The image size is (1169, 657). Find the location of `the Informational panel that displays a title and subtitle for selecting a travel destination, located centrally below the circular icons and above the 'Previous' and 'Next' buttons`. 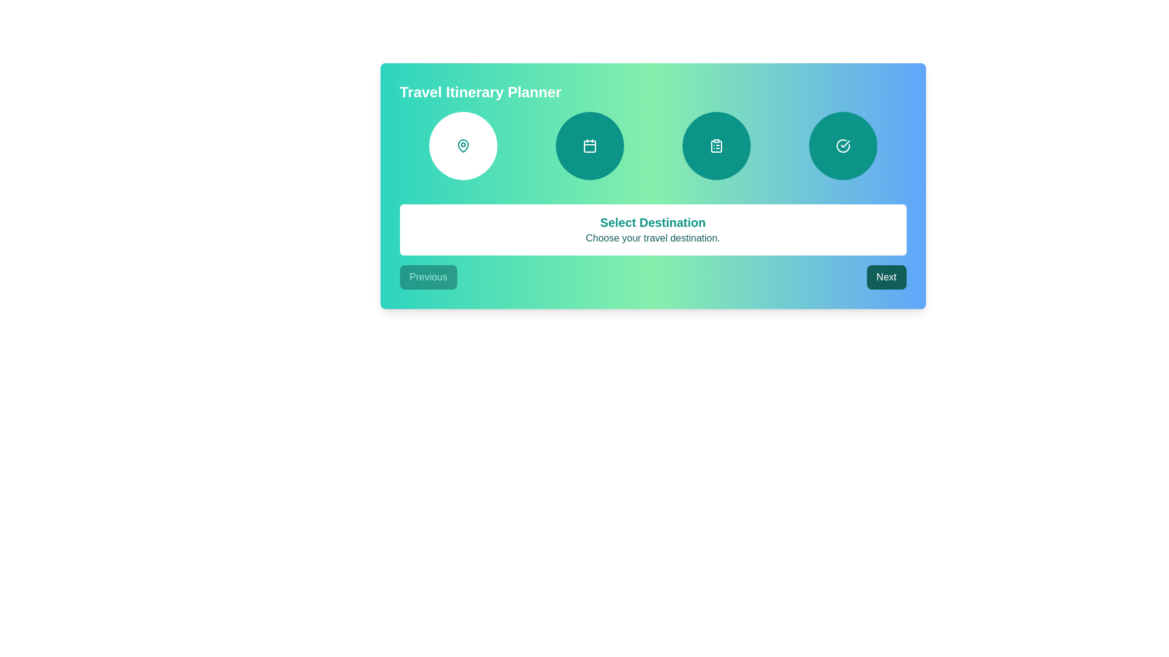

the Informational panel that displays a title and subtitle for selecting a travel destination, located centrally below the circular icons and above the 'Previous' and 'Next' buttons is located at coordinates (652, 246).